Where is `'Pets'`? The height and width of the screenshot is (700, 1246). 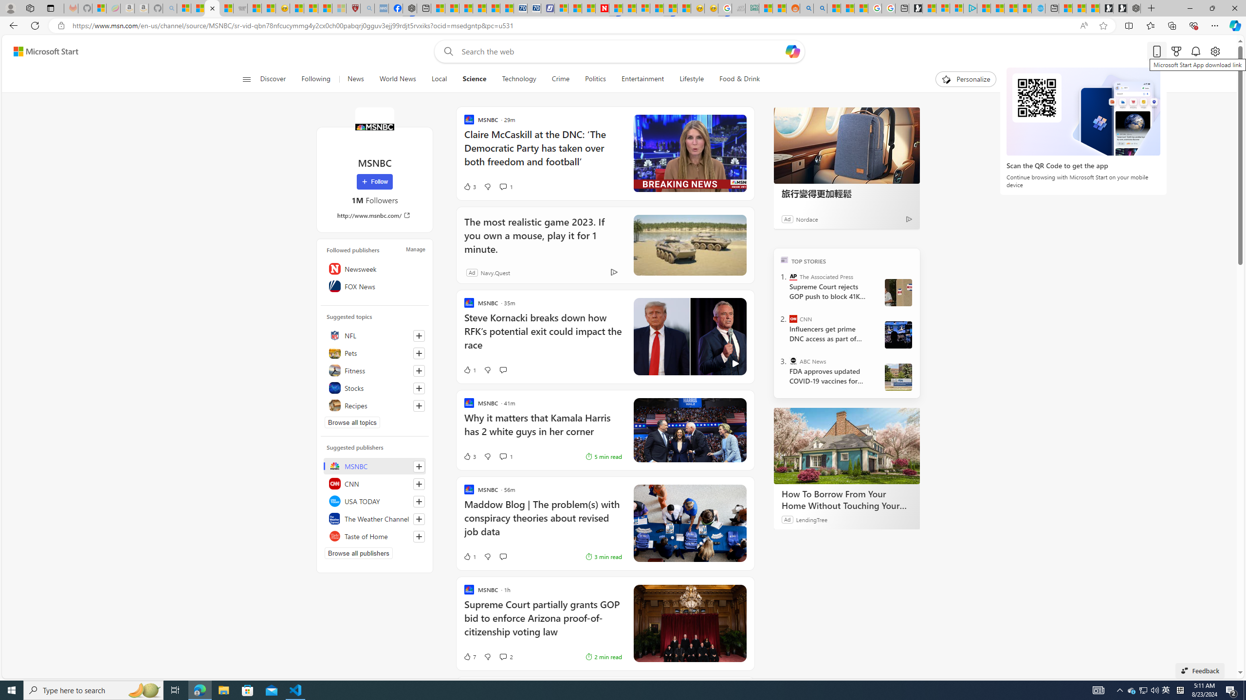 'Pets' is located at coordinates (375, 352).